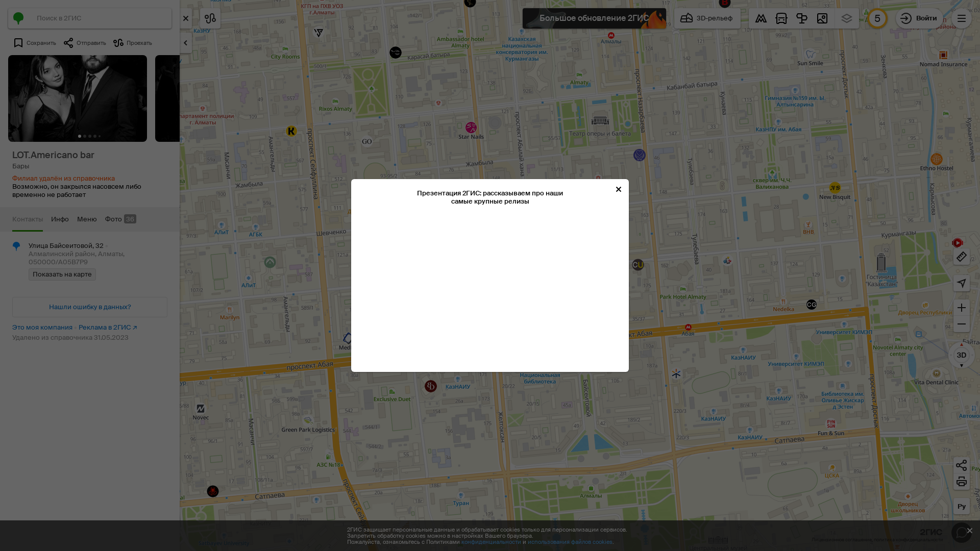  I want to click on '5', so click(876, 18).